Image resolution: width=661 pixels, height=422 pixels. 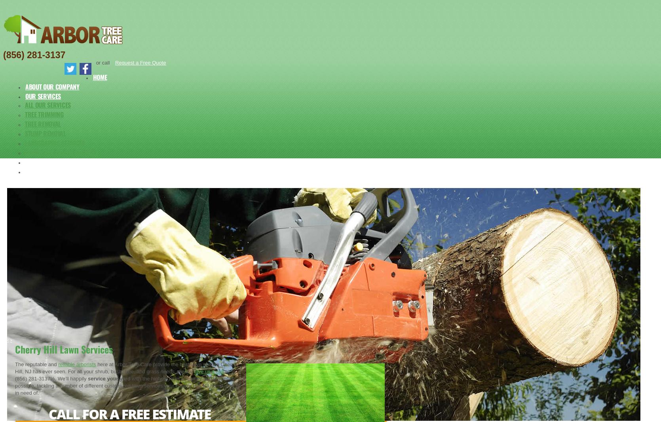 What do you see at coordinates (25, 124) in the screenshot?
I see `'Tree Removal'` at bounding box center [25, 124].